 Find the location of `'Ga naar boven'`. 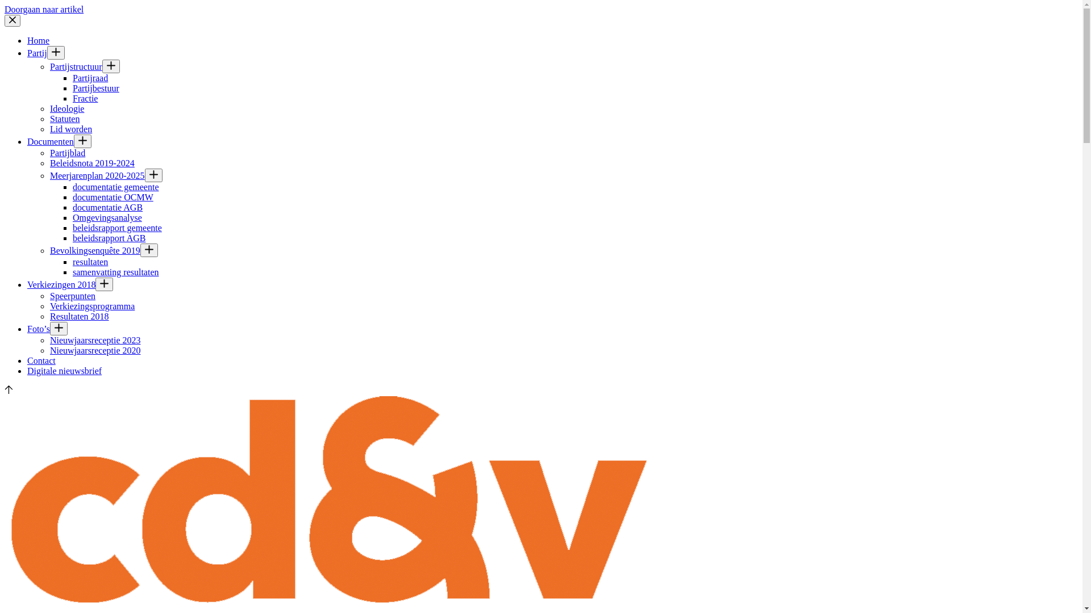

'Ga naar boven' is located at coordinates (5, 390).